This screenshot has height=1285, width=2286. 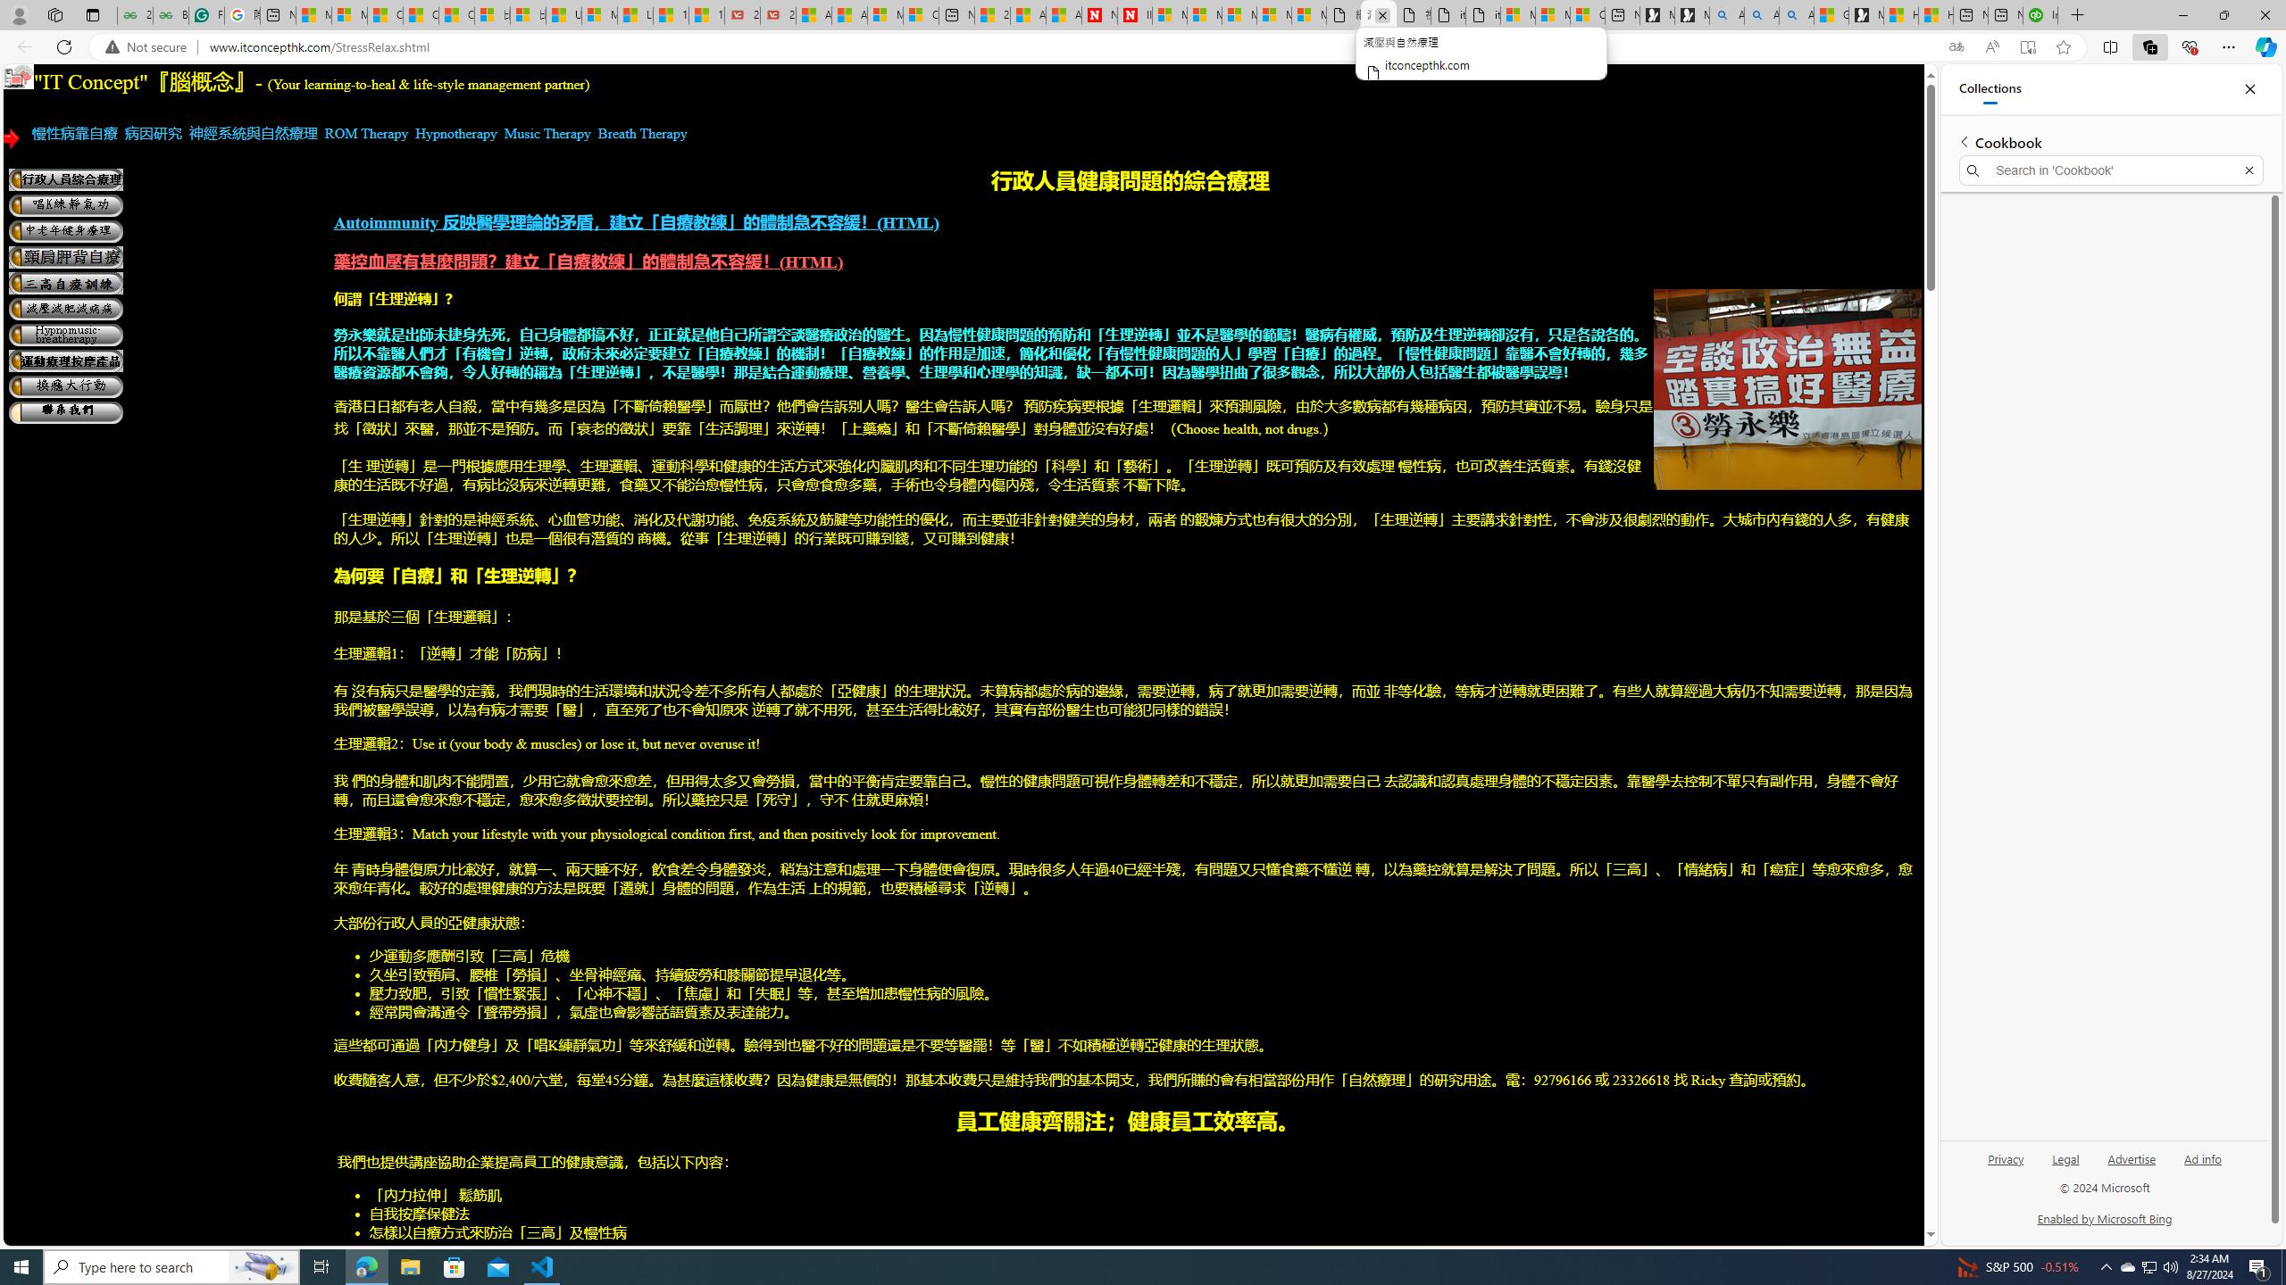 What do you see at coordinates (206, 14) in the screenshot?
I see `'Free AI Writing Assistance for Students | Grammarly'` at bounding box center [206, 14].